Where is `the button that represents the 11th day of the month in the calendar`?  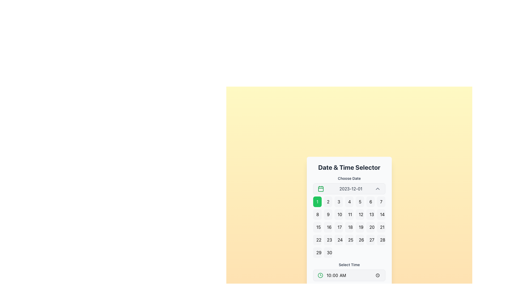 the button that represents the 11th day of the month in the calendar is located at coordinates (349, 215).